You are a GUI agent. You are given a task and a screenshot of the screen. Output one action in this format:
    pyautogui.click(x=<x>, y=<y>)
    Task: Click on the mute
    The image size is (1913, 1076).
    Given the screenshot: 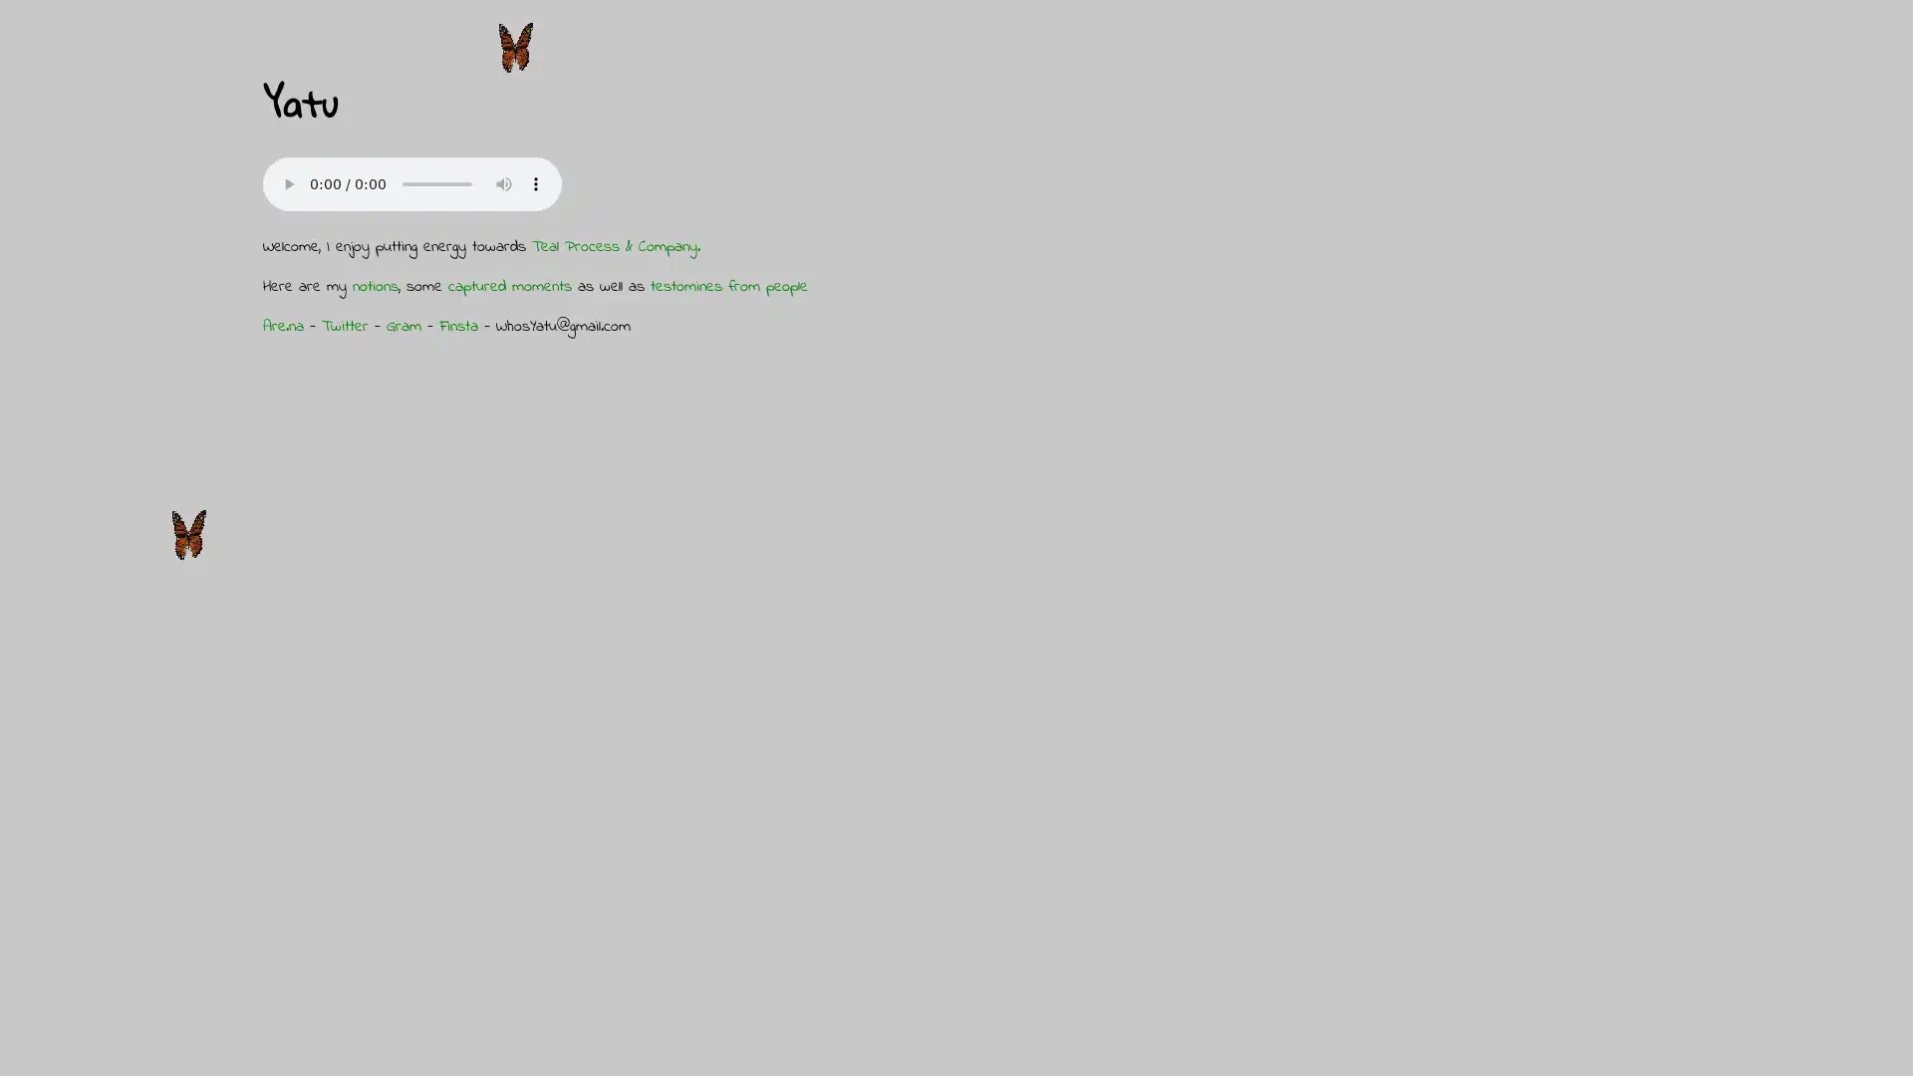 What is the action you would take?
    pyautogui.click(x=503, y=183)
    